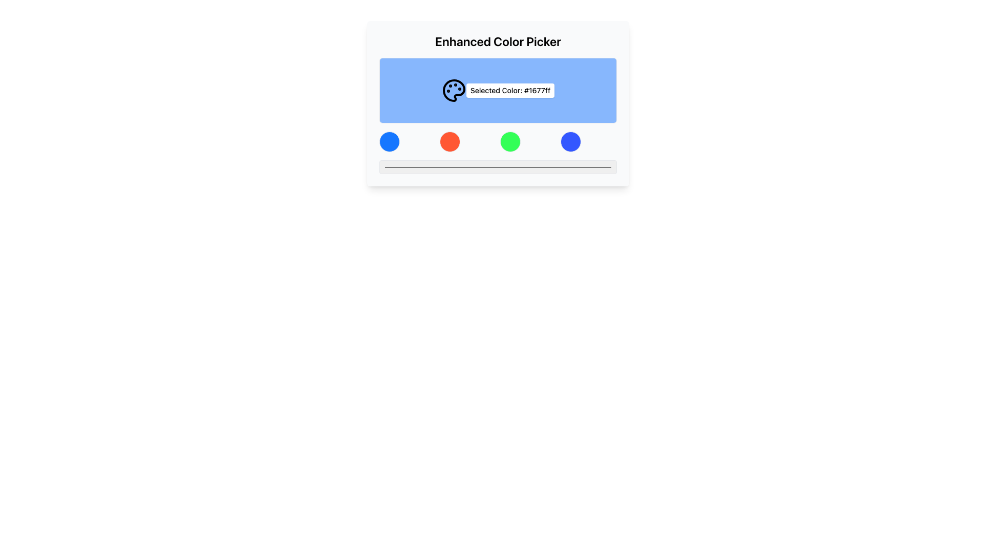  What do you see at coordinates (481, 166) in the screenshot?
I see `the slider` at bounding box center [481, 166].